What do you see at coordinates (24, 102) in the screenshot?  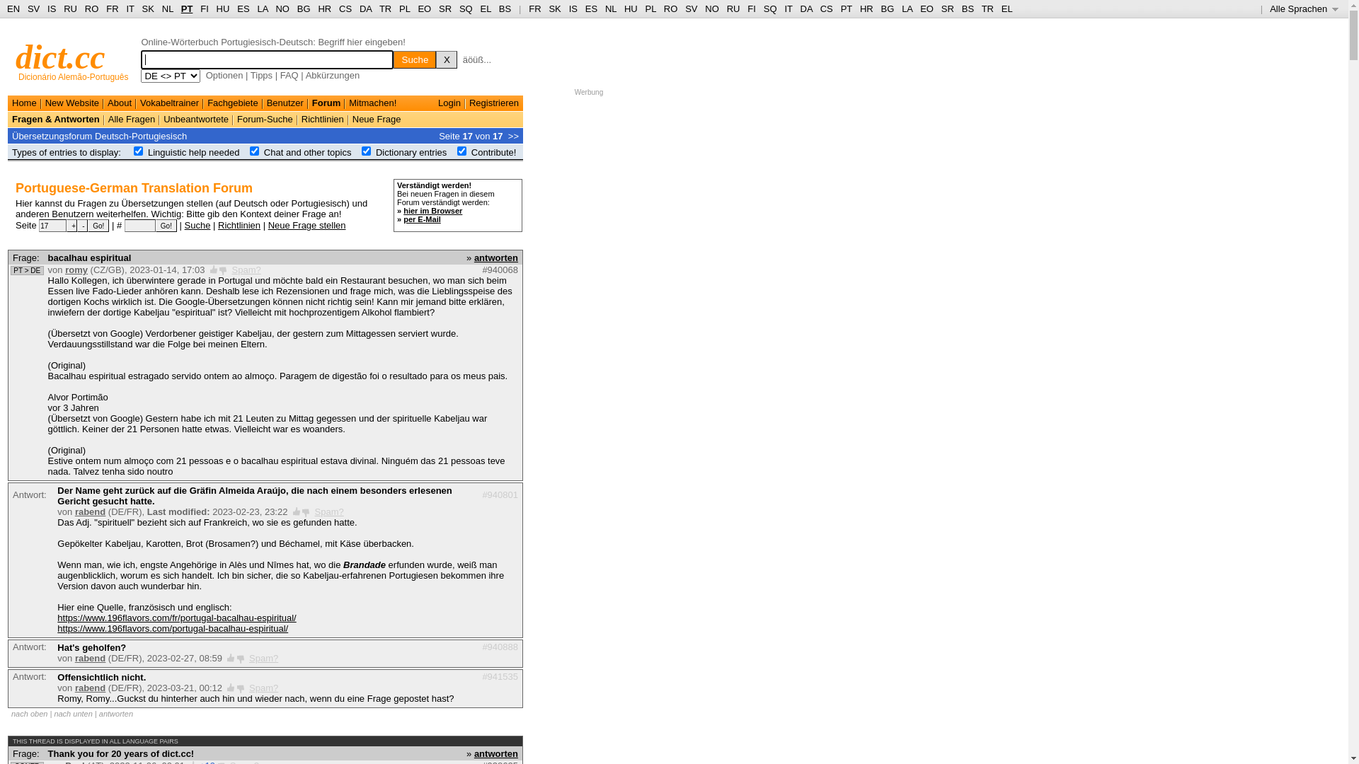 I see `'Home'` at bounding box center [24, 102].